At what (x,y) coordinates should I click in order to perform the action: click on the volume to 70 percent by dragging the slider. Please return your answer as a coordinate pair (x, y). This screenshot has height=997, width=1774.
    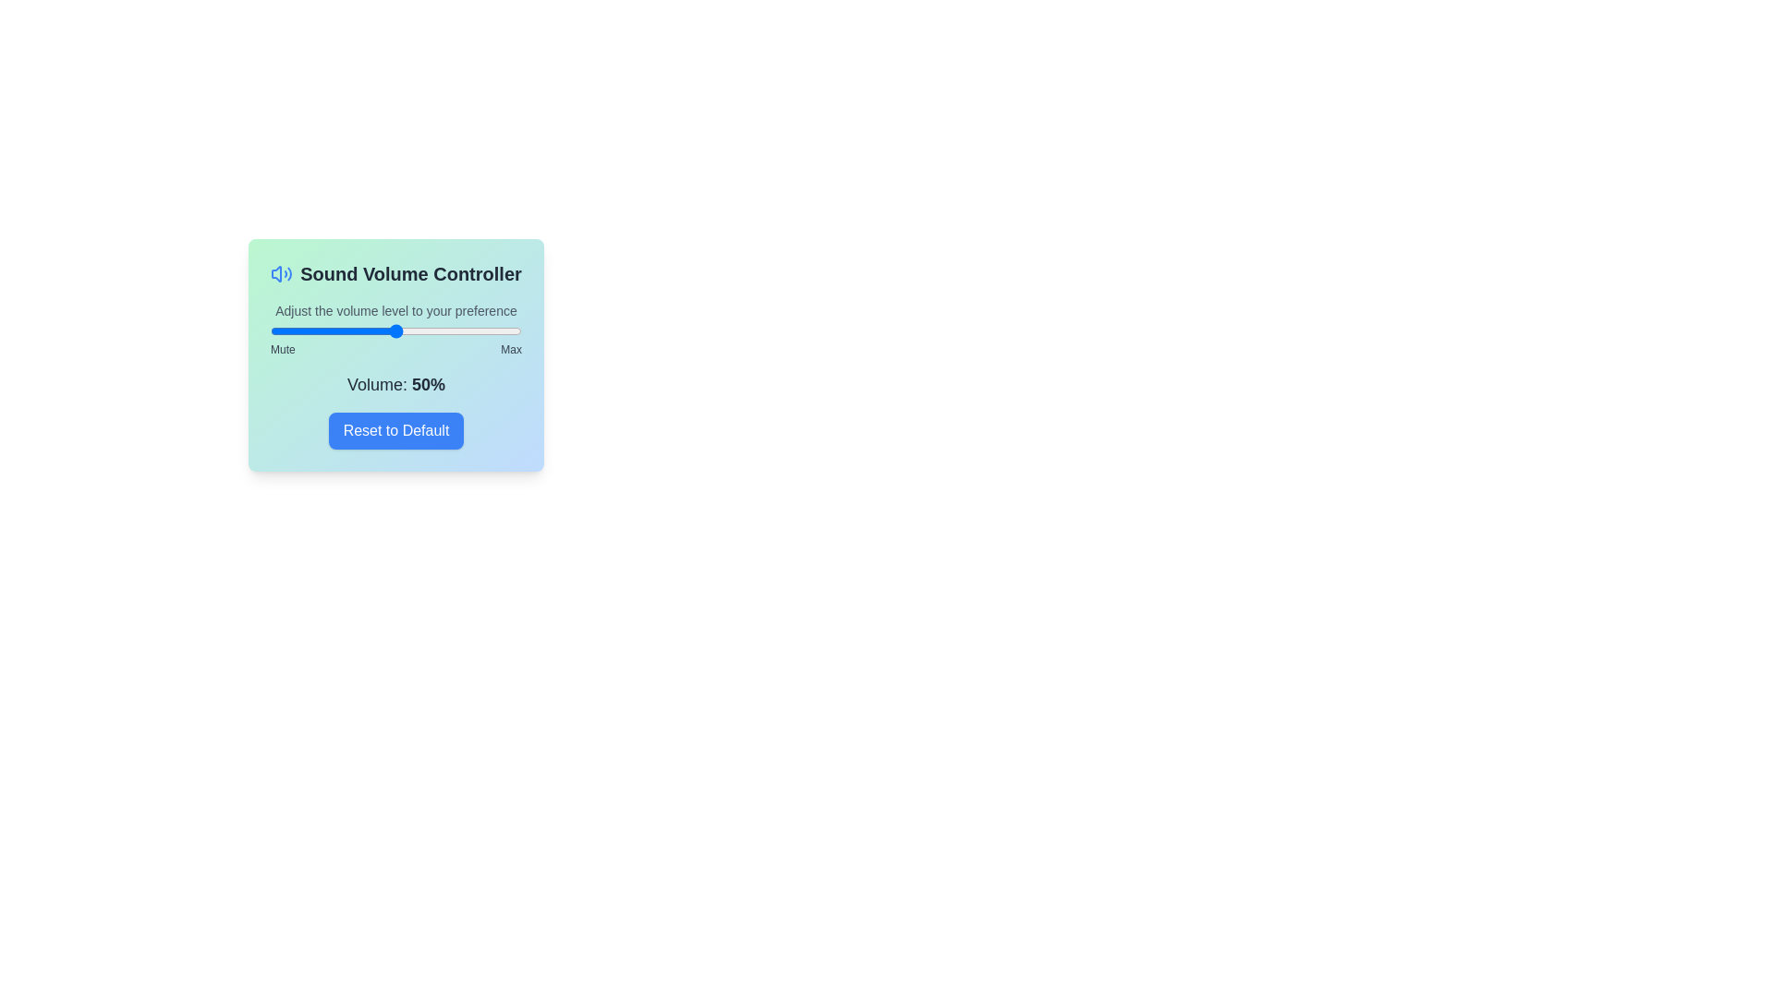
    Looking at the image, I should click on (446, 330).